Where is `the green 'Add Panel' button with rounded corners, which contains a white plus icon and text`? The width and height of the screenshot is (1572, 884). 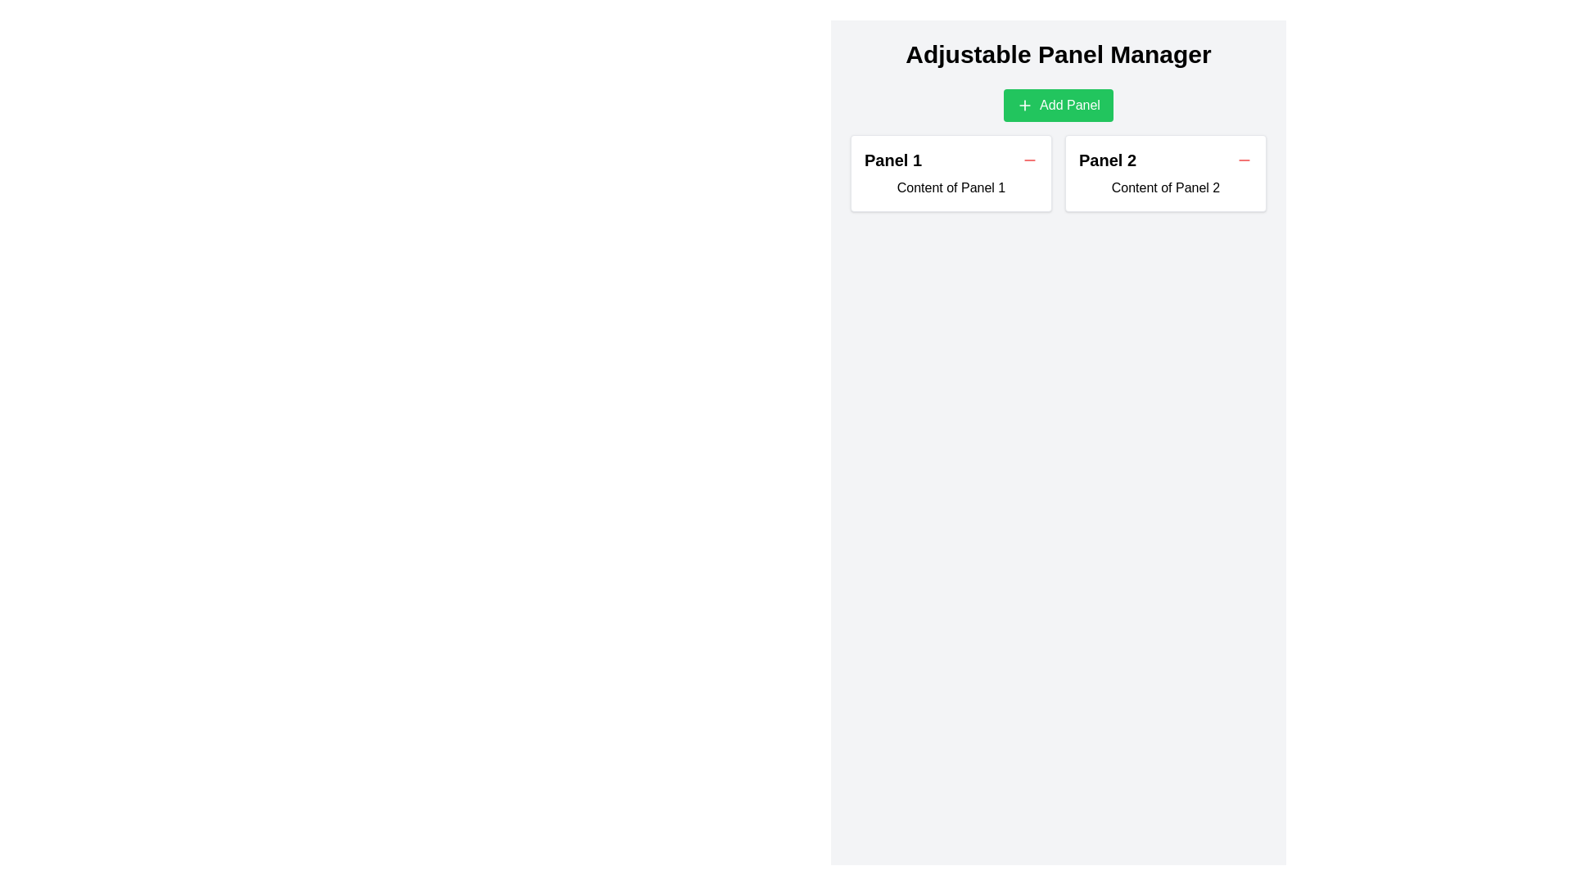
the green 'Add Panel' button with rounded corners, which contains a white plus icon and text is located at coordinates (1058, 105).